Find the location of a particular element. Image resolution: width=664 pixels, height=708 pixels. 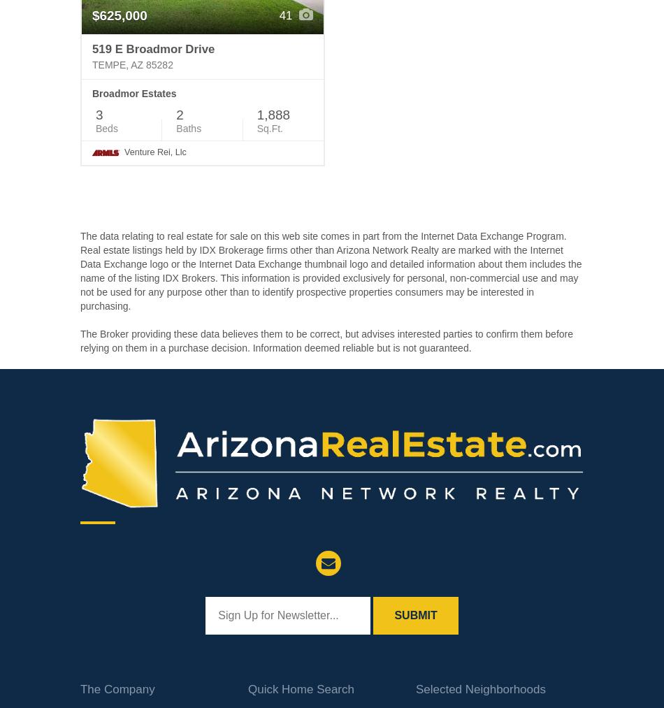

'The Broker providing these data believes them to be correct, but advises interested parties to confirm them before relying 
    on them in a purchase decision. Information deemed reliable but is not guaranteed.' is located at coordinates (326, 340).